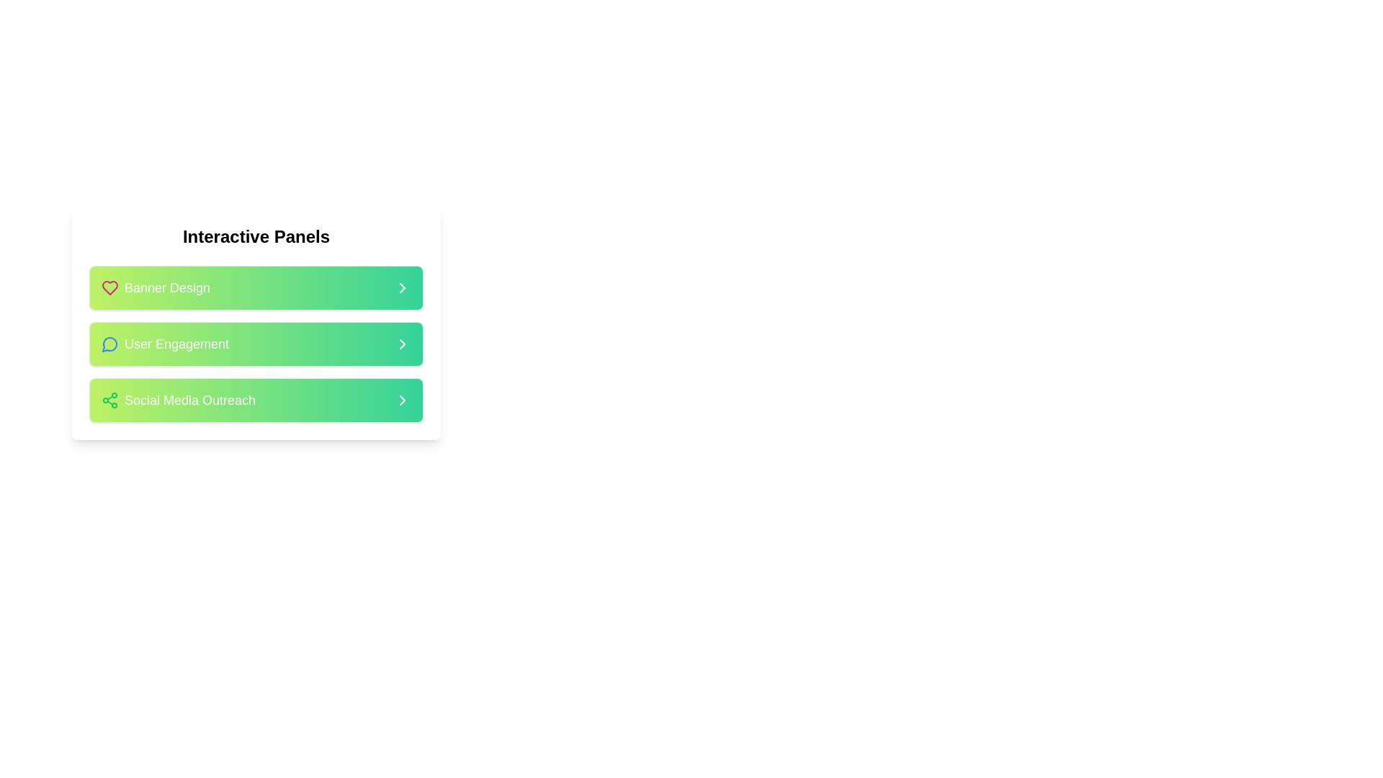  Describe the element at coordinates (256, 236) in the screenshot. I see `the bold and large-sized header text reading 'Interactive Panels' located at the top-center of a white, rounded-corner card` at that location.